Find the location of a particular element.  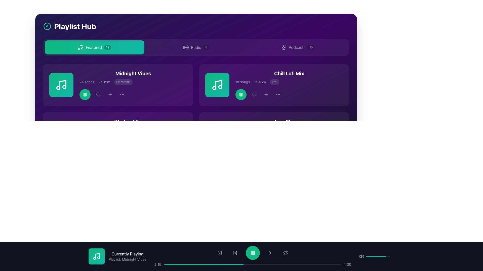

the text label displaying the duration '1h 45m' within the dark purple background of the playlist metadata interface is located at coordinates (260, 82).